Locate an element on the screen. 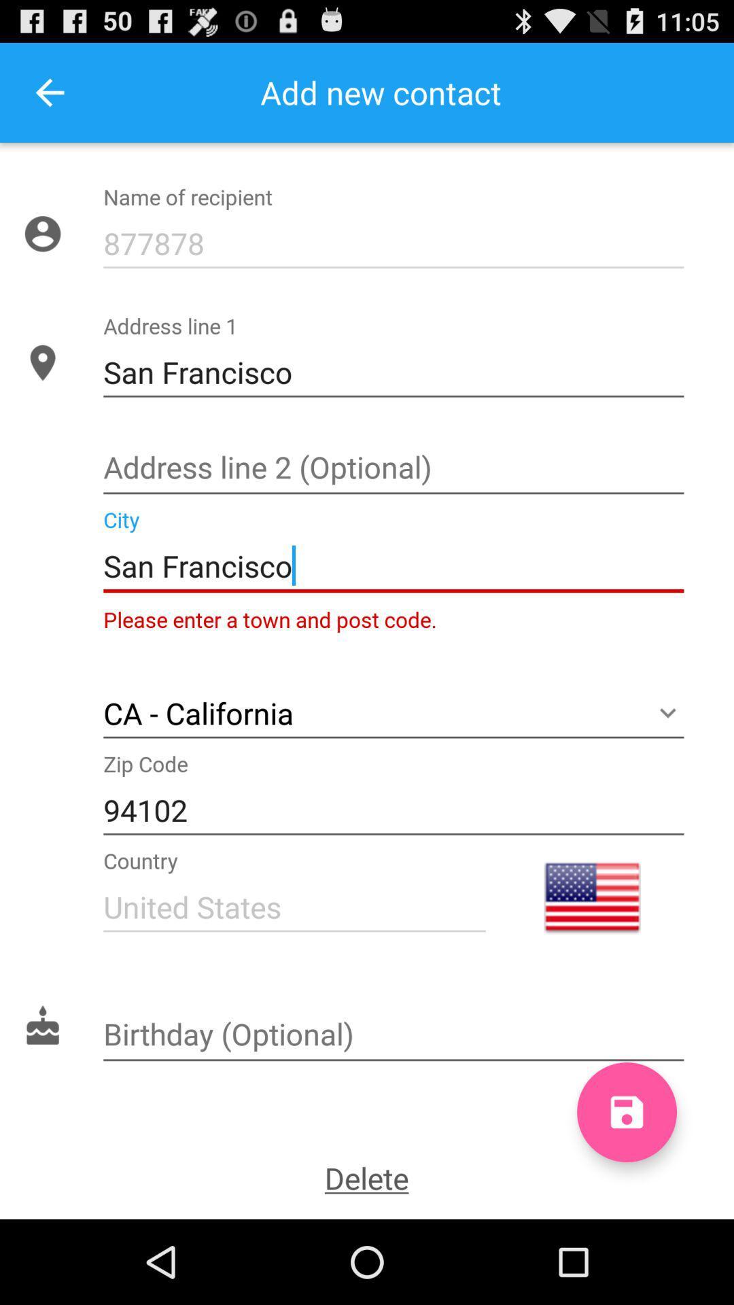  your birthday is located at coordinates (394, 1035).